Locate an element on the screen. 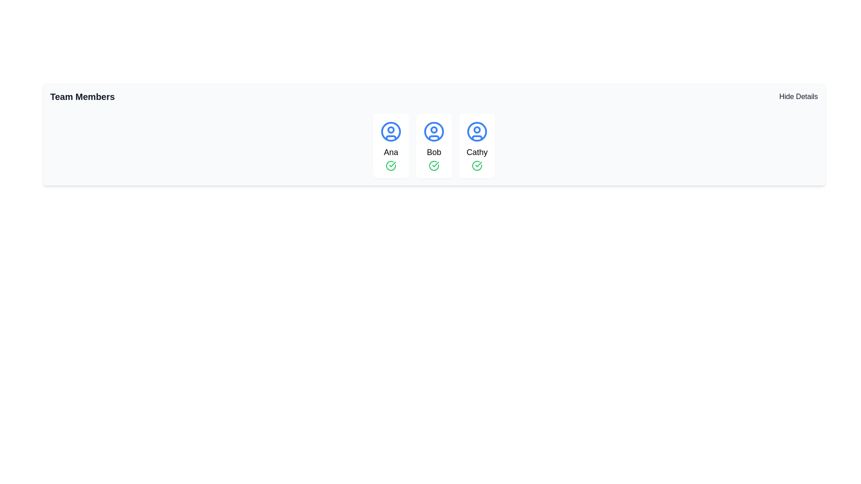  the blue circular shape that represents the outer rim of Bob's user profile icon in the SVG display is located at coordinates (434, 131).